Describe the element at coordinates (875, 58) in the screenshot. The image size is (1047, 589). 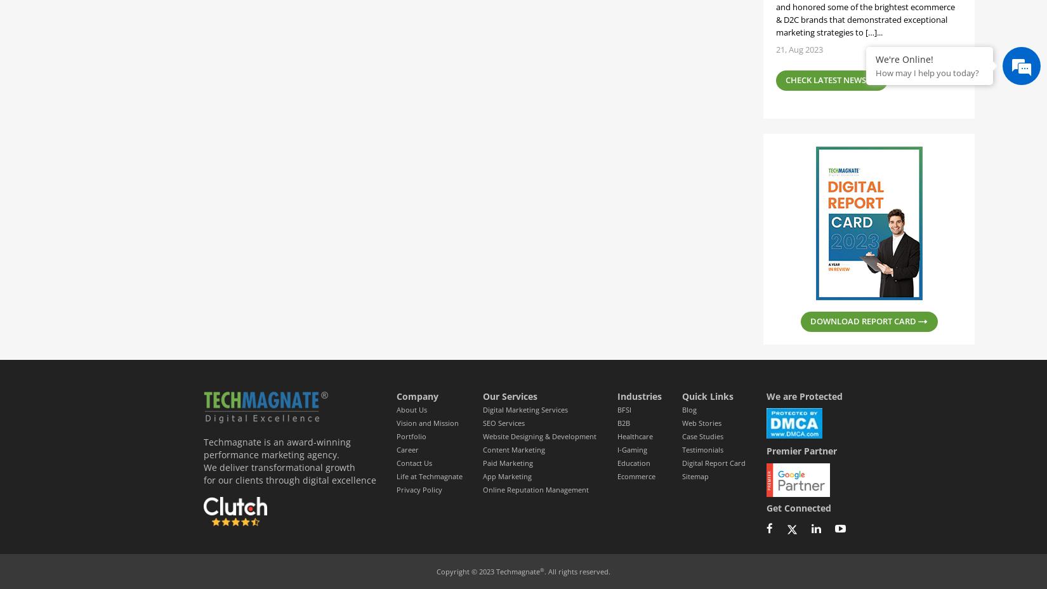
I see `'We're Online!'` at that location.